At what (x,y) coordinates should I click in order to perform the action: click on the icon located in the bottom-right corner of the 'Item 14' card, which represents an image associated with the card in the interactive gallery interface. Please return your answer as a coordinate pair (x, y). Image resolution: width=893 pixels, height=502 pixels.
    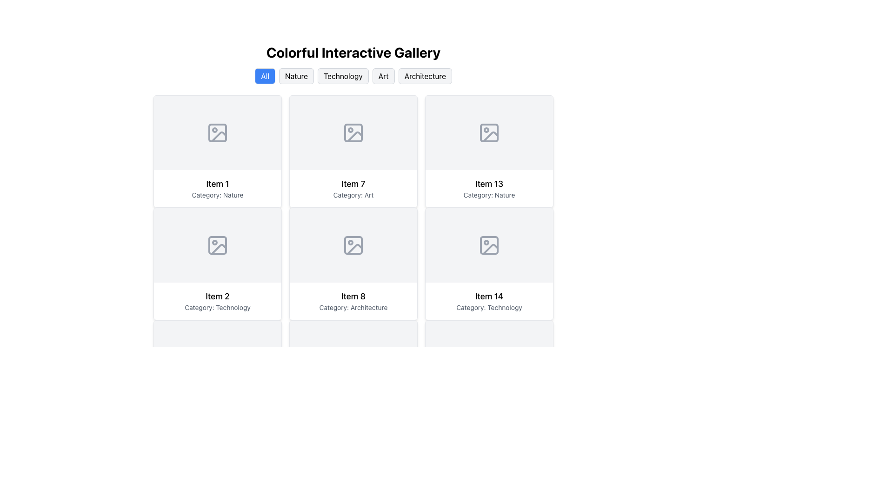
    Looking at the image, I should click on (488, 245).